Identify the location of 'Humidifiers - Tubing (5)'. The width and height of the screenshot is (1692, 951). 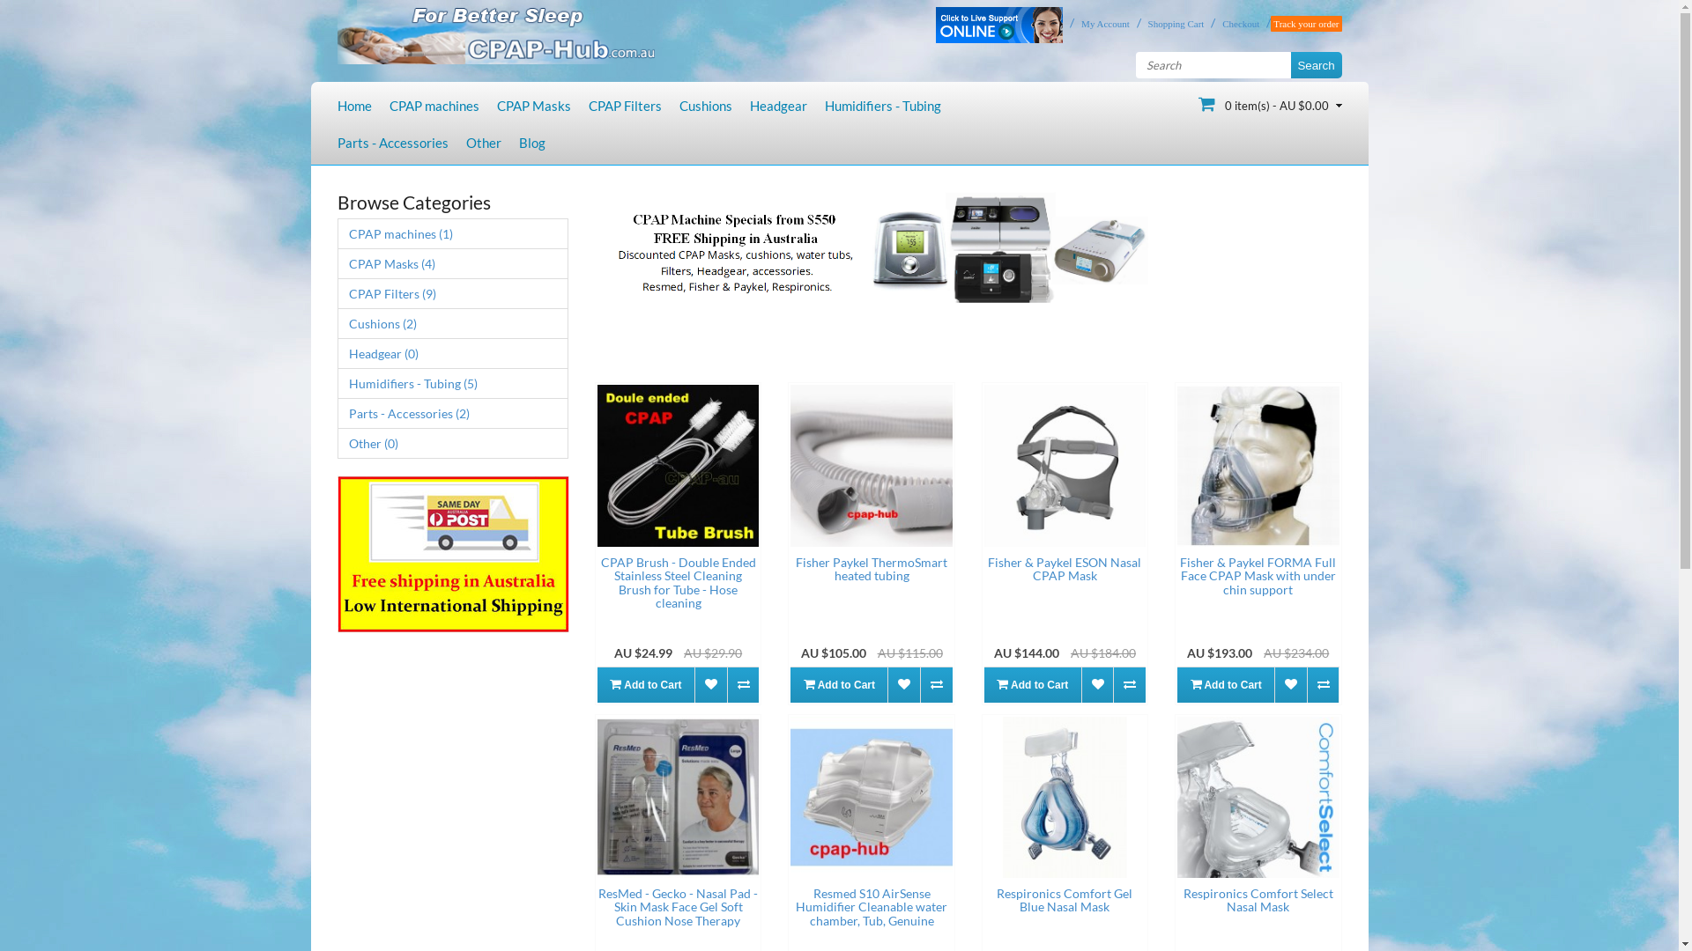
(452, 382).